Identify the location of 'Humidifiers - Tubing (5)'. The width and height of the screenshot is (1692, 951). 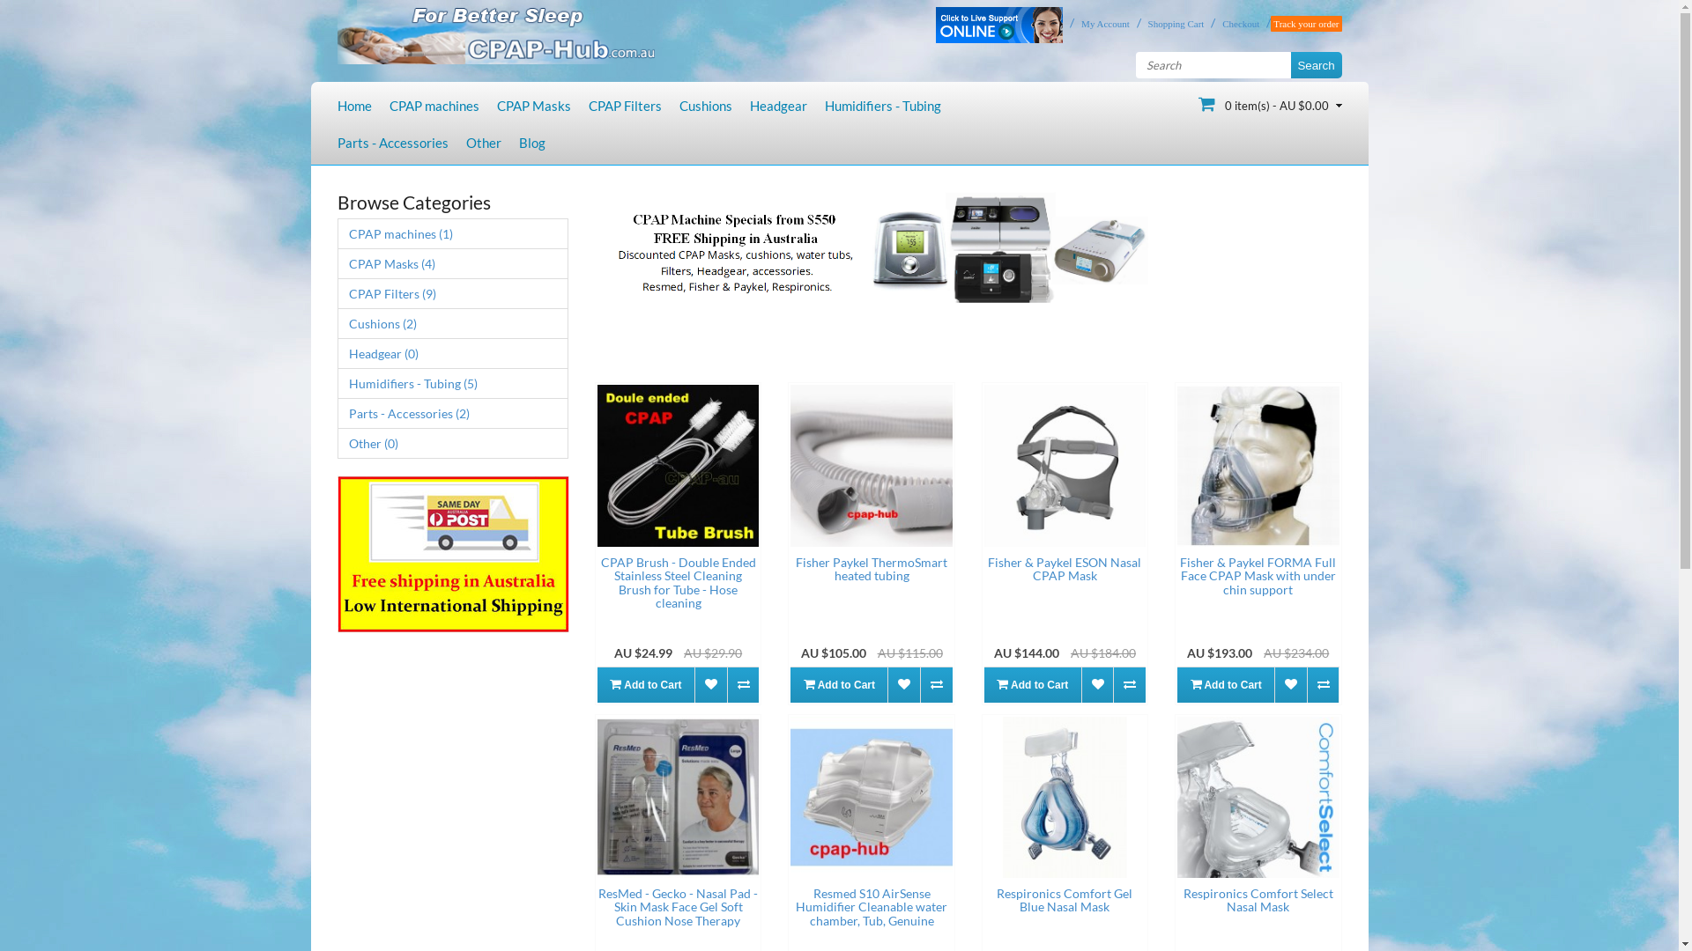
(452, 382).